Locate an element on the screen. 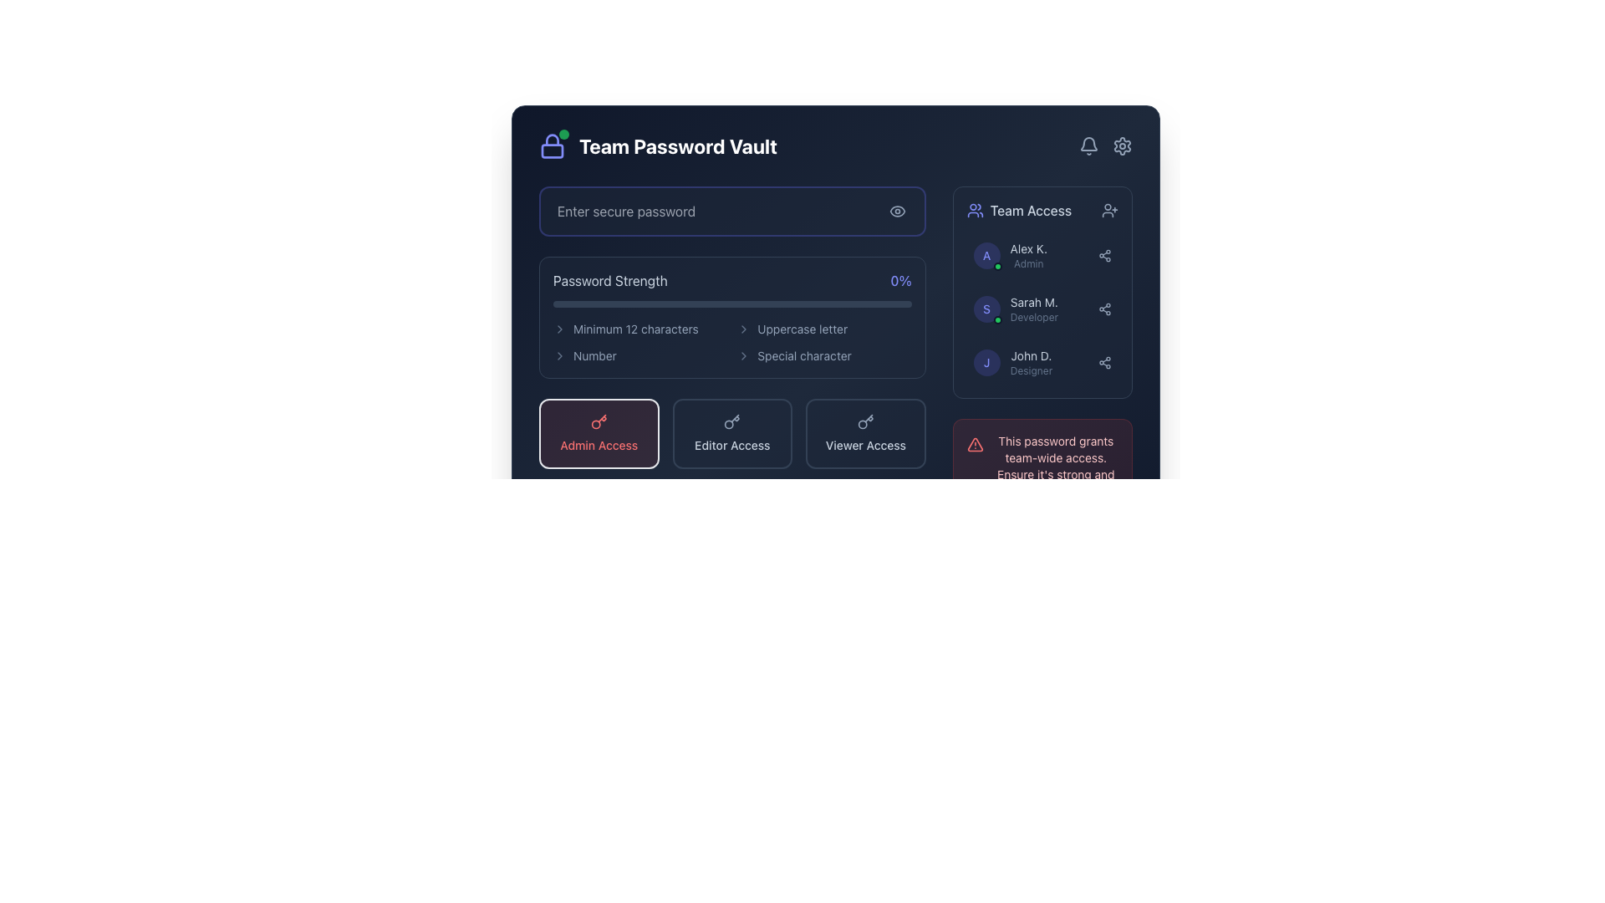 Image resolution: width=1605 pixels, height=903 pixels. warning message from the Information Alert Box with a light red background that states, "This password grants team-wide access. Ensure it's strong and shared securely." is located at coordinates (1042, 467).